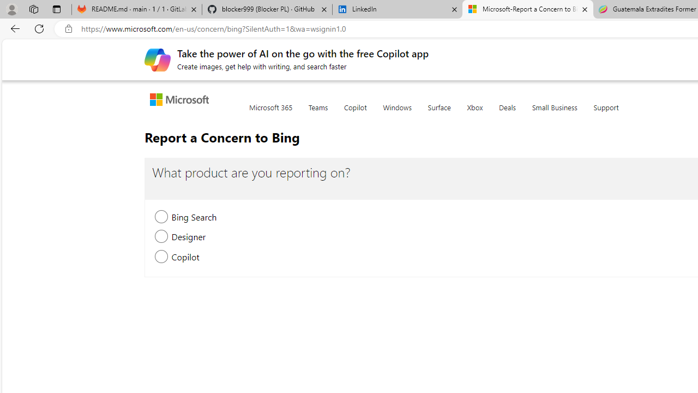 This screenshot has height=393, width=698. I want to click on 'Teams', so click(317, 114).